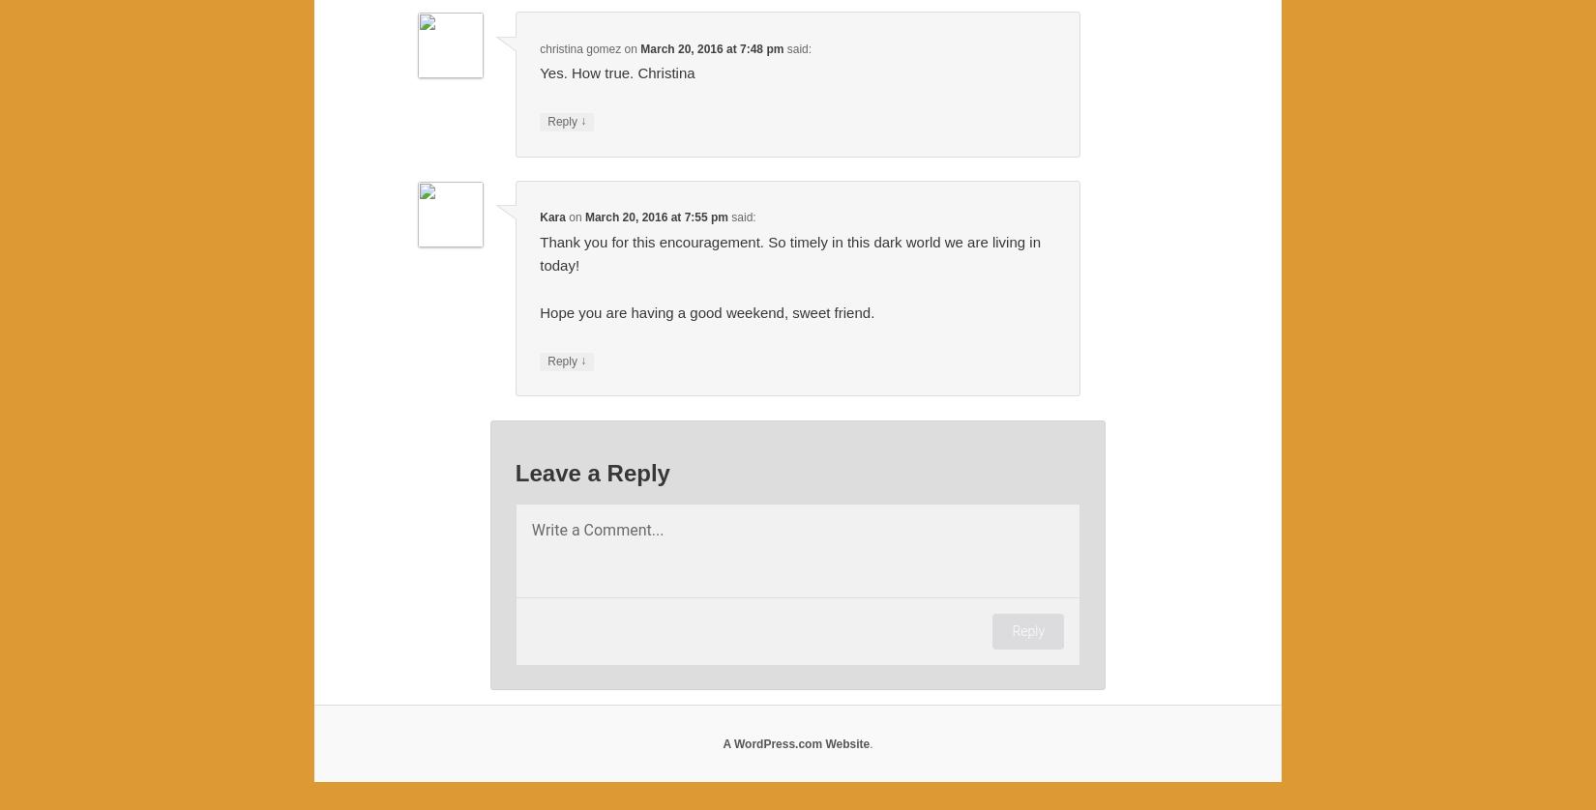 The image size is (1596, 810). I want to click on 'March 20, 2016 at 7:48 pm', so click(711, 48).